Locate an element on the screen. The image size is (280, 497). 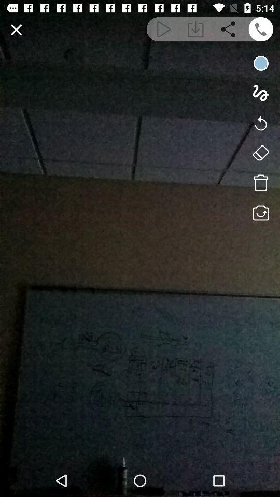
share menu is located at coordinates (228, 28).